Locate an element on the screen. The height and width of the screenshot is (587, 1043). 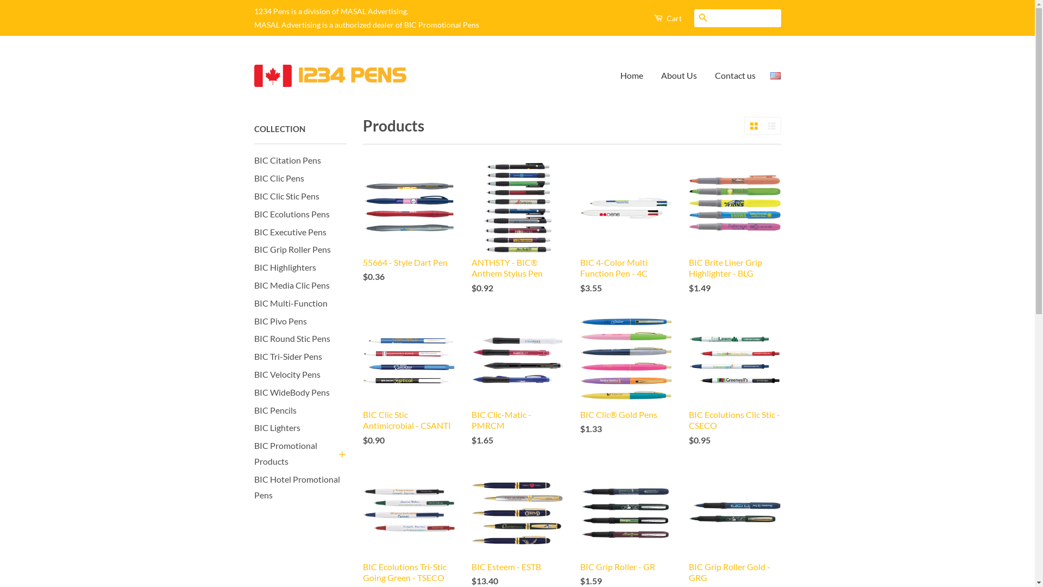
'Cart' is located at coordinates (667, 18).